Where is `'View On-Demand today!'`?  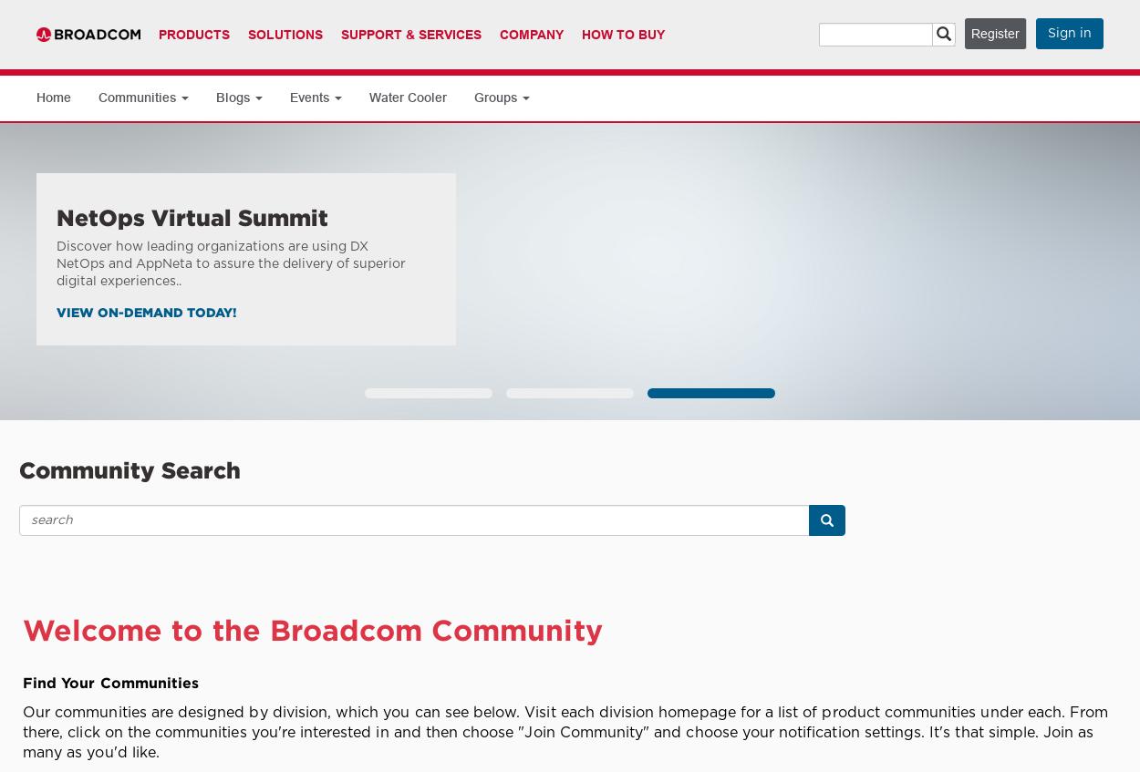 'View On-Demand today!' is located at coordinates (57, 311).